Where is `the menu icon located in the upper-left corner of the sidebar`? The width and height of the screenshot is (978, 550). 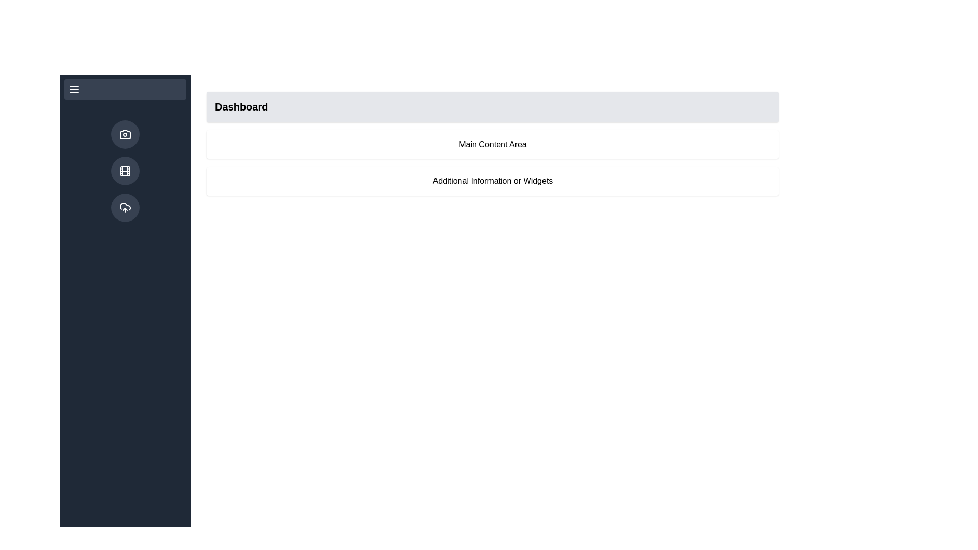
the menu icon located in the upper-left corner of the sidebar is located at coordinates (73, 89).